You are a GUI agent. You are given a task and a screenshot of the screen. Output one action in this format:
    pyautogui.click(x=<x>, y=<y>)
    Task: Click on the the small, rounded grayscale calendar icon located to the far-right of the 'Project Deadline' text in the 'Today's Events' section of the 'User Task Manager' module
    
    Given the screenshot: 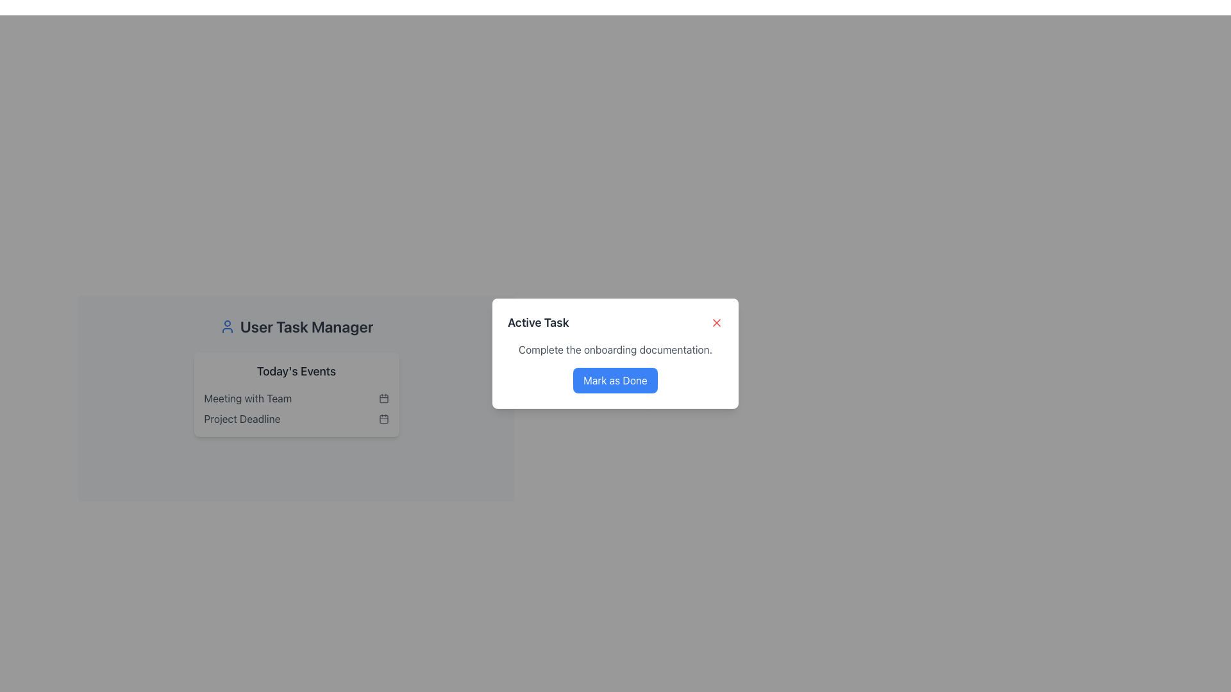 What is the action you would take?
    pyautogui.click(x=383, y=419)
    